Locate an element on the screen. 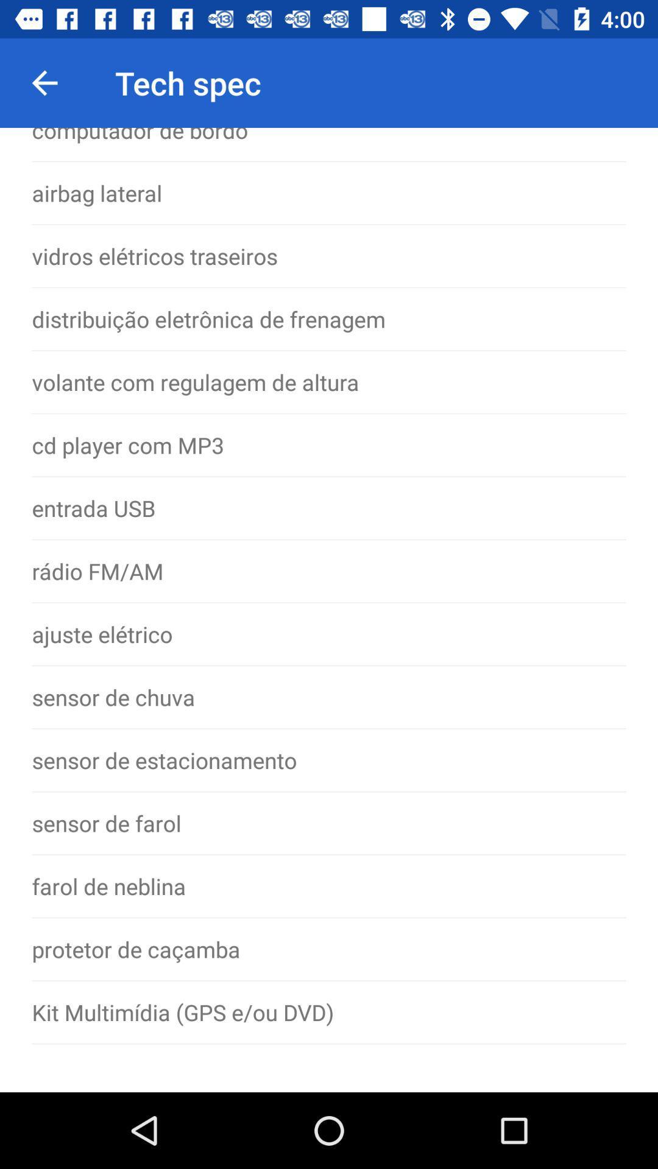 This screenshot has height=1169, width=658. the icon next to tech spec icon is located at coordinates (44, 82).